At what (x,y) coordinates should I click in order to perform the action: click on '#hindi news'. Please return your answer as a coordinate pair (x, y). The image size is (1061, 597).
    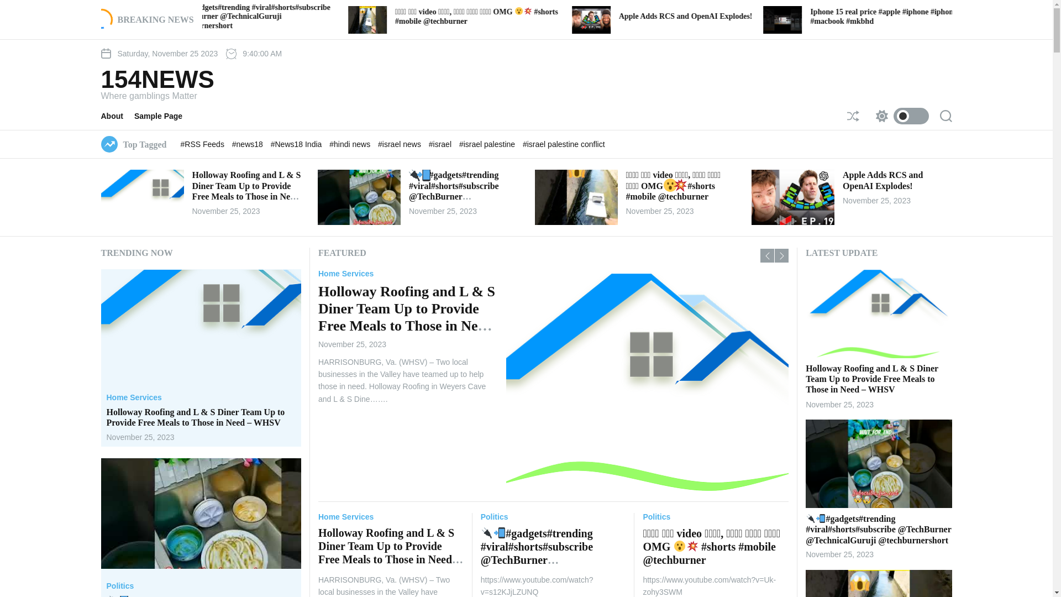
    Looking at the image, I should click on (350, 144).